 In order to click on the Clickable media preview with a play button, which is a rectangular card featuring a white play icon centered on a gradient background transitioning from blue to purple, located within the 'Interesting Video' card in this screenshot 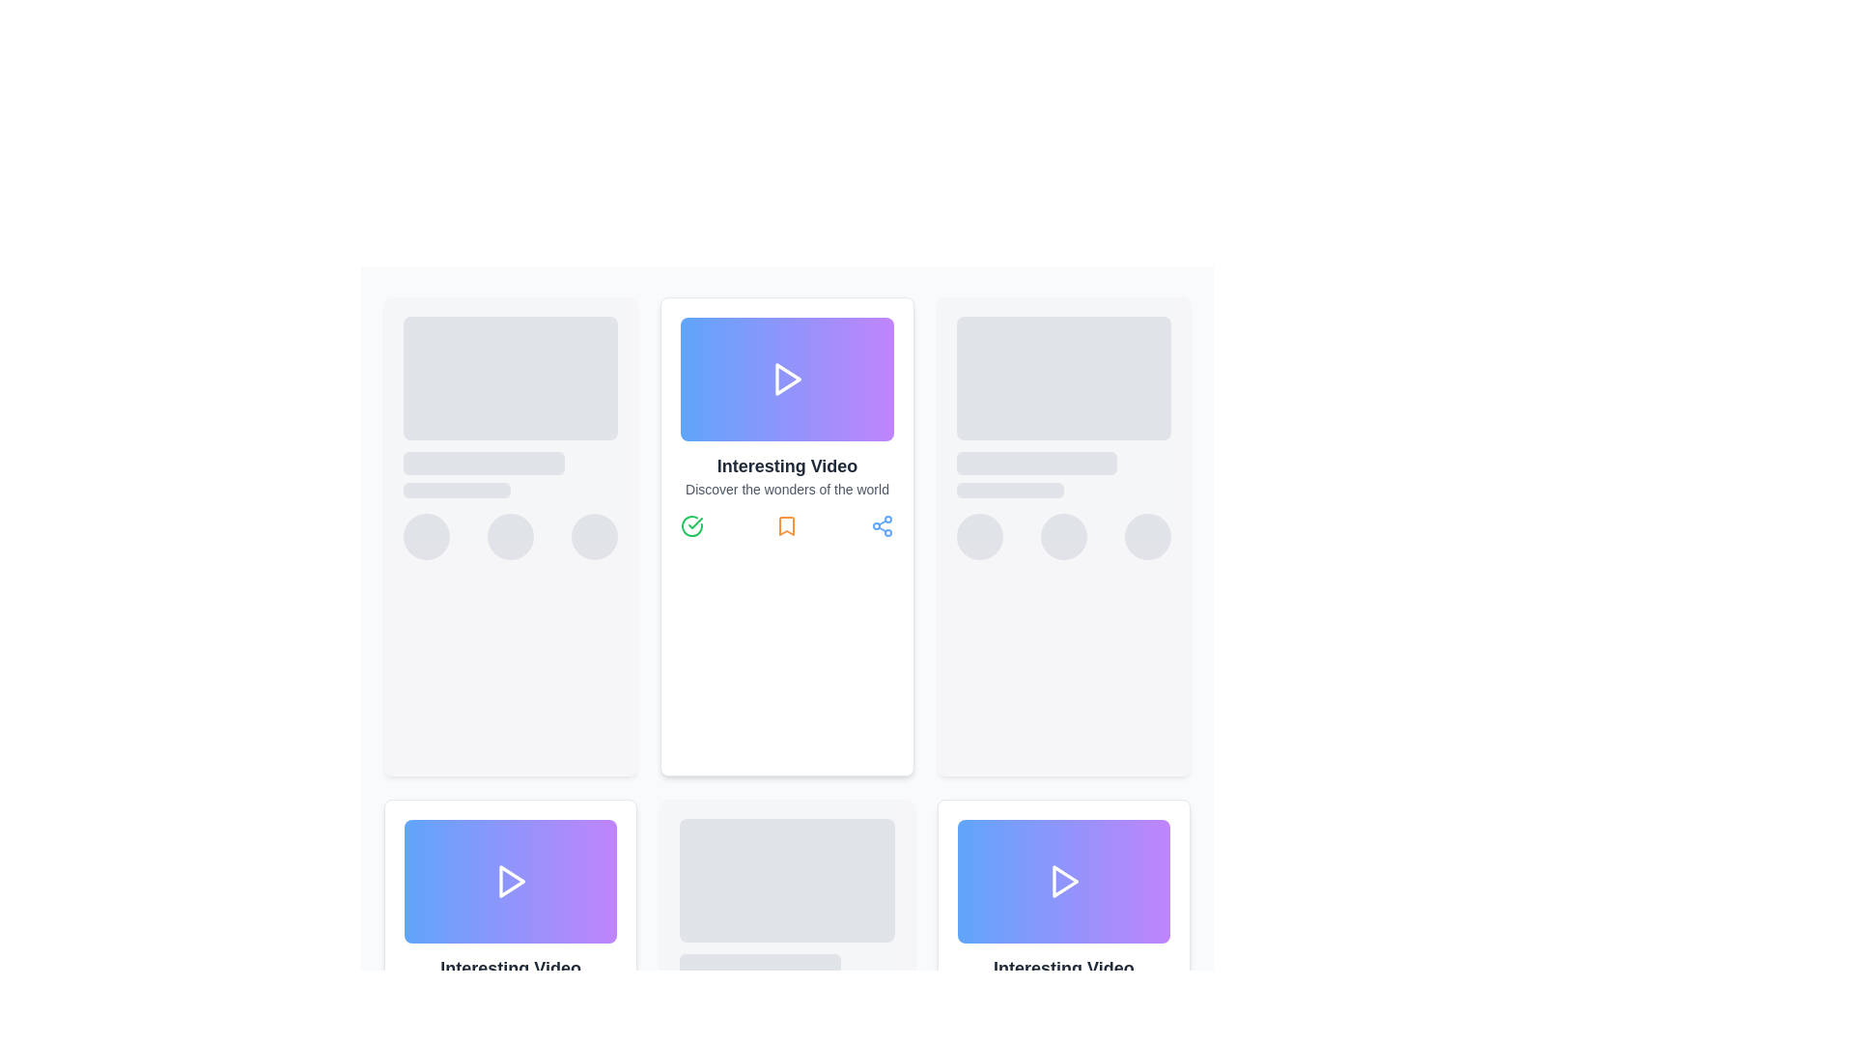, I will do `click(787, 380)`.